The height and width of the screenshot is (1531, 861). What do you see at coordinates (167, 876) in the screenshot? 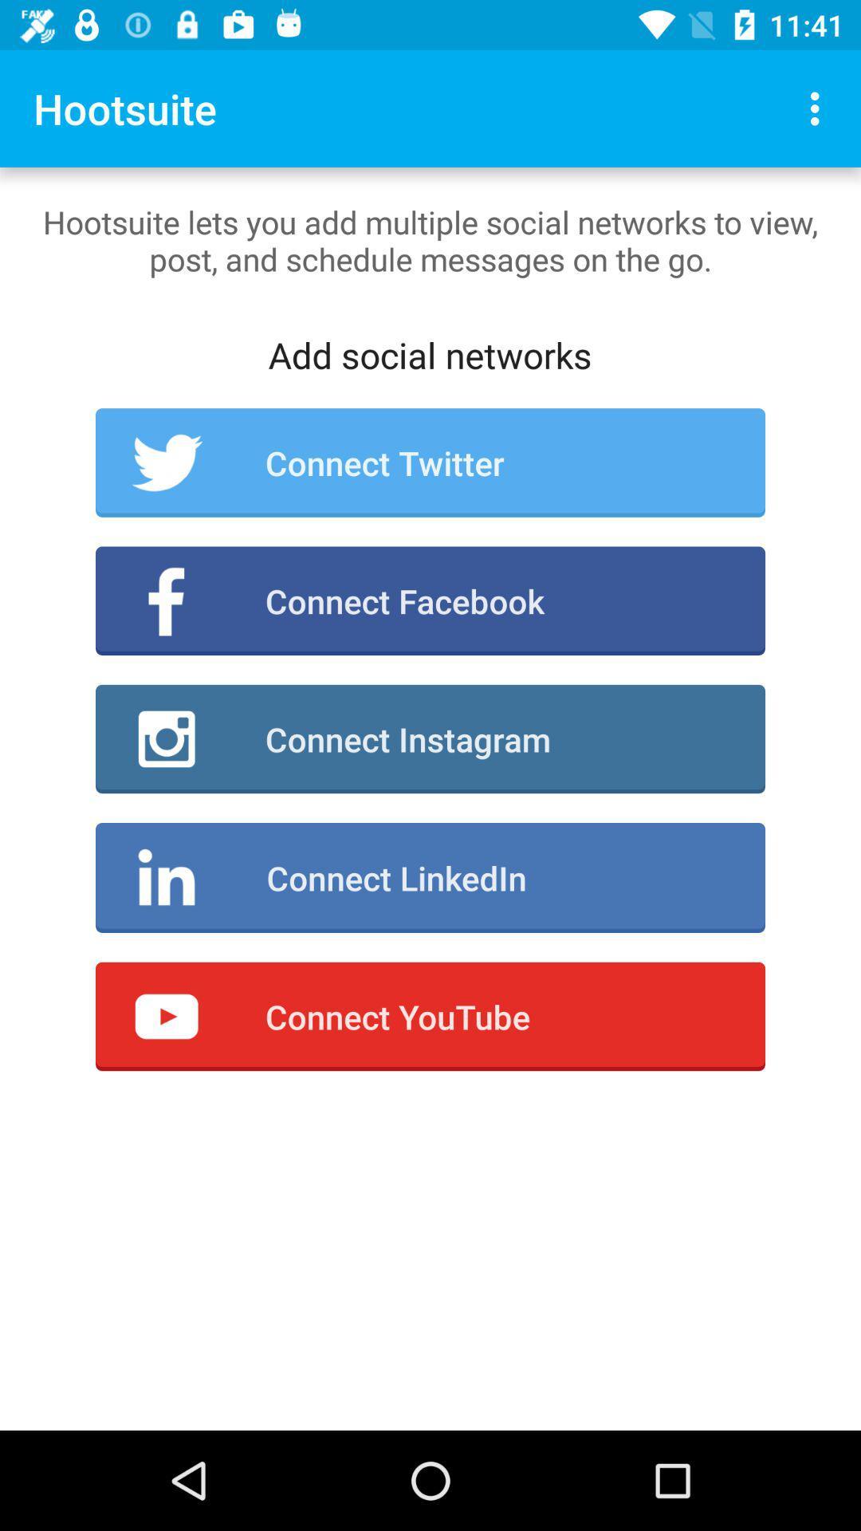
I see `the icon at right side of connect linkedin` at bounding box center [167, 876].